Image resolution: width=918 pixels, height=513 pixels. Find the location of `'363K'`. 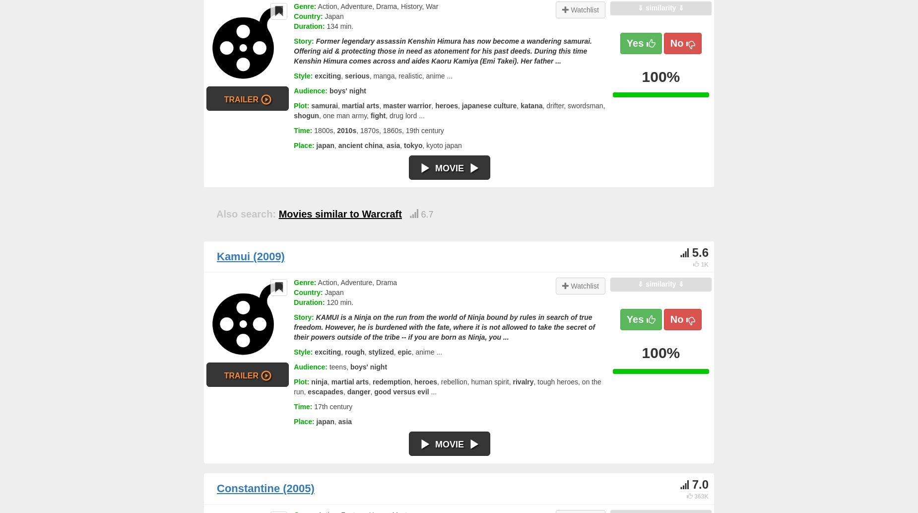

'363K' is located at coordinates (701, 496).